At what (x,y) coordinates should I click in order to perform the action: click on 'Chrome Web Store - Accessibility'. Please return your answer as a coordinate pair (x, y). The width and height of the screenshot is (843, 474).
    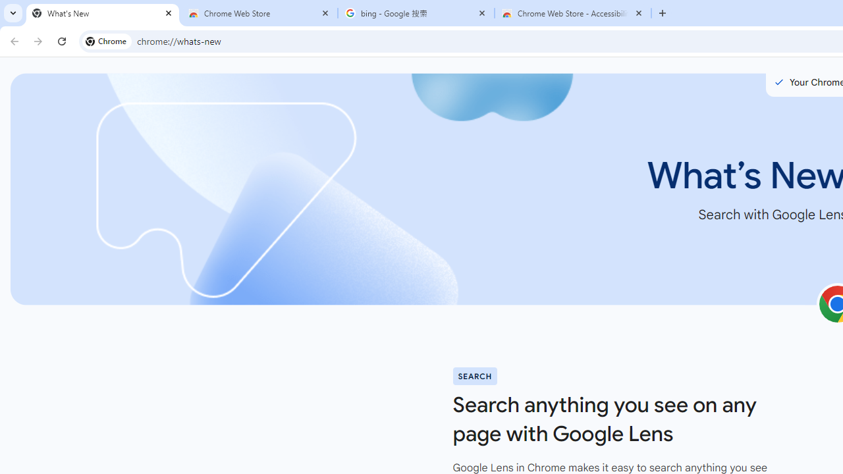
    Looking at the image, I should click on (573, 13).